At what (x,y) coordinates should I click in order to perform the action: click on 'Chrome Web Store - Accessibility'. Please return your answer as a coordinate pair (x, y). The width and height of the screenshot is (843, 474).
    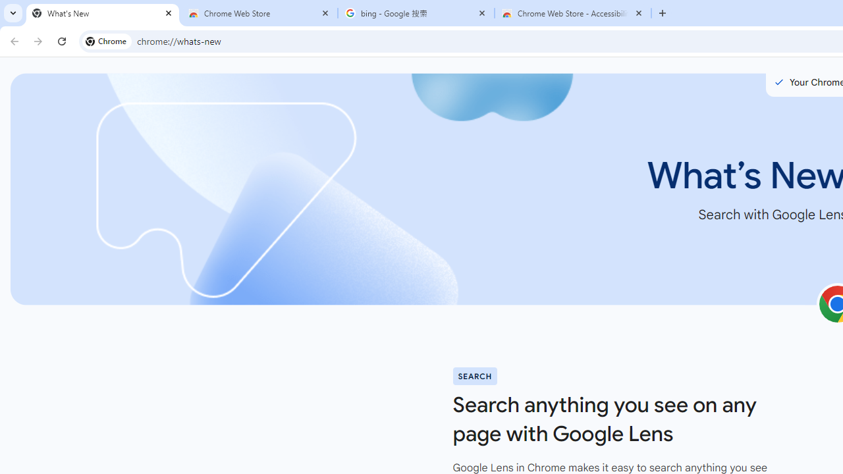
    Looking at the image, I should click on (573, 13).